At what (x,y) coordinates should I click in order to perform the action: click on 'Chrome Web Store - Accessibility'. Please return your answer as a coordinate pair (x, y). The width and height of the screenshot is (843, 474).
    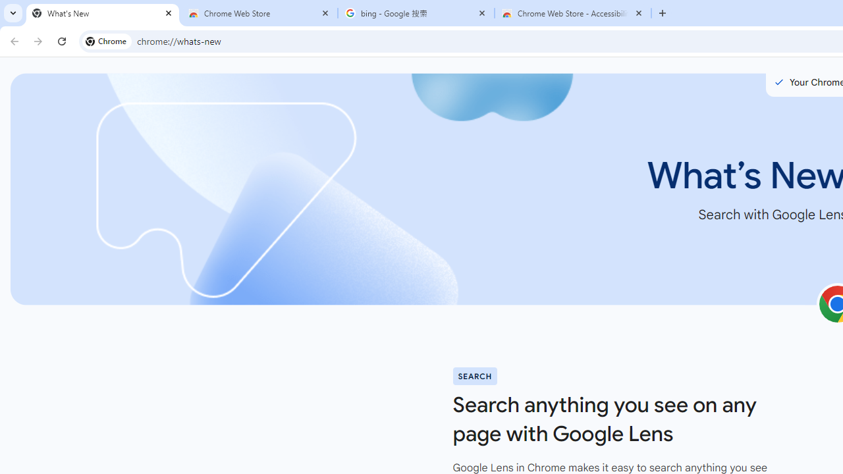
    Looking at the image, I should click on (573, 13).